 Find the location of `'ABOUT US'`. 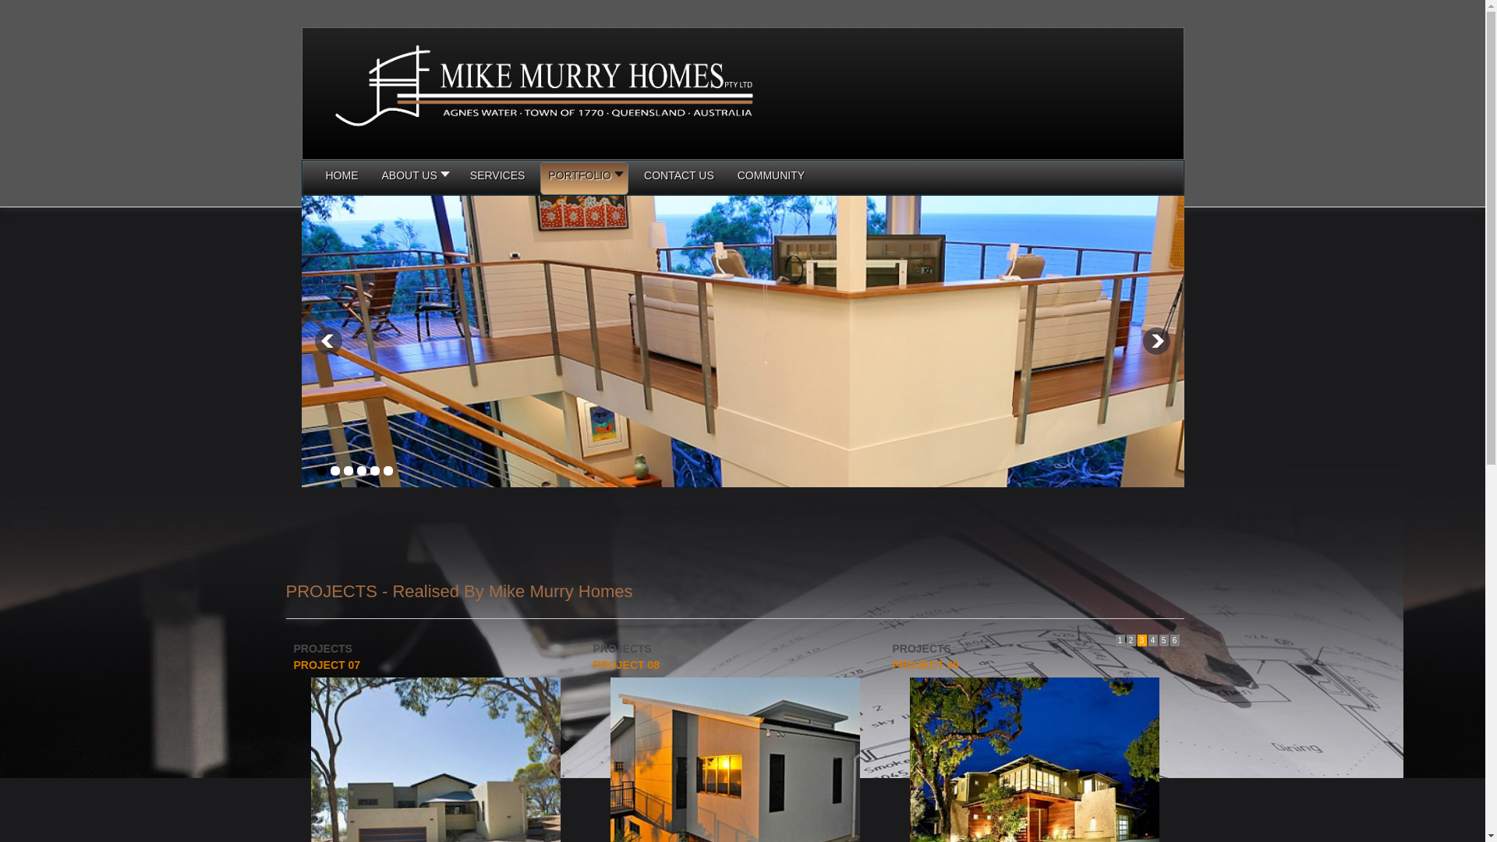

'ABOUT US' is located at coordinates (414, 179).